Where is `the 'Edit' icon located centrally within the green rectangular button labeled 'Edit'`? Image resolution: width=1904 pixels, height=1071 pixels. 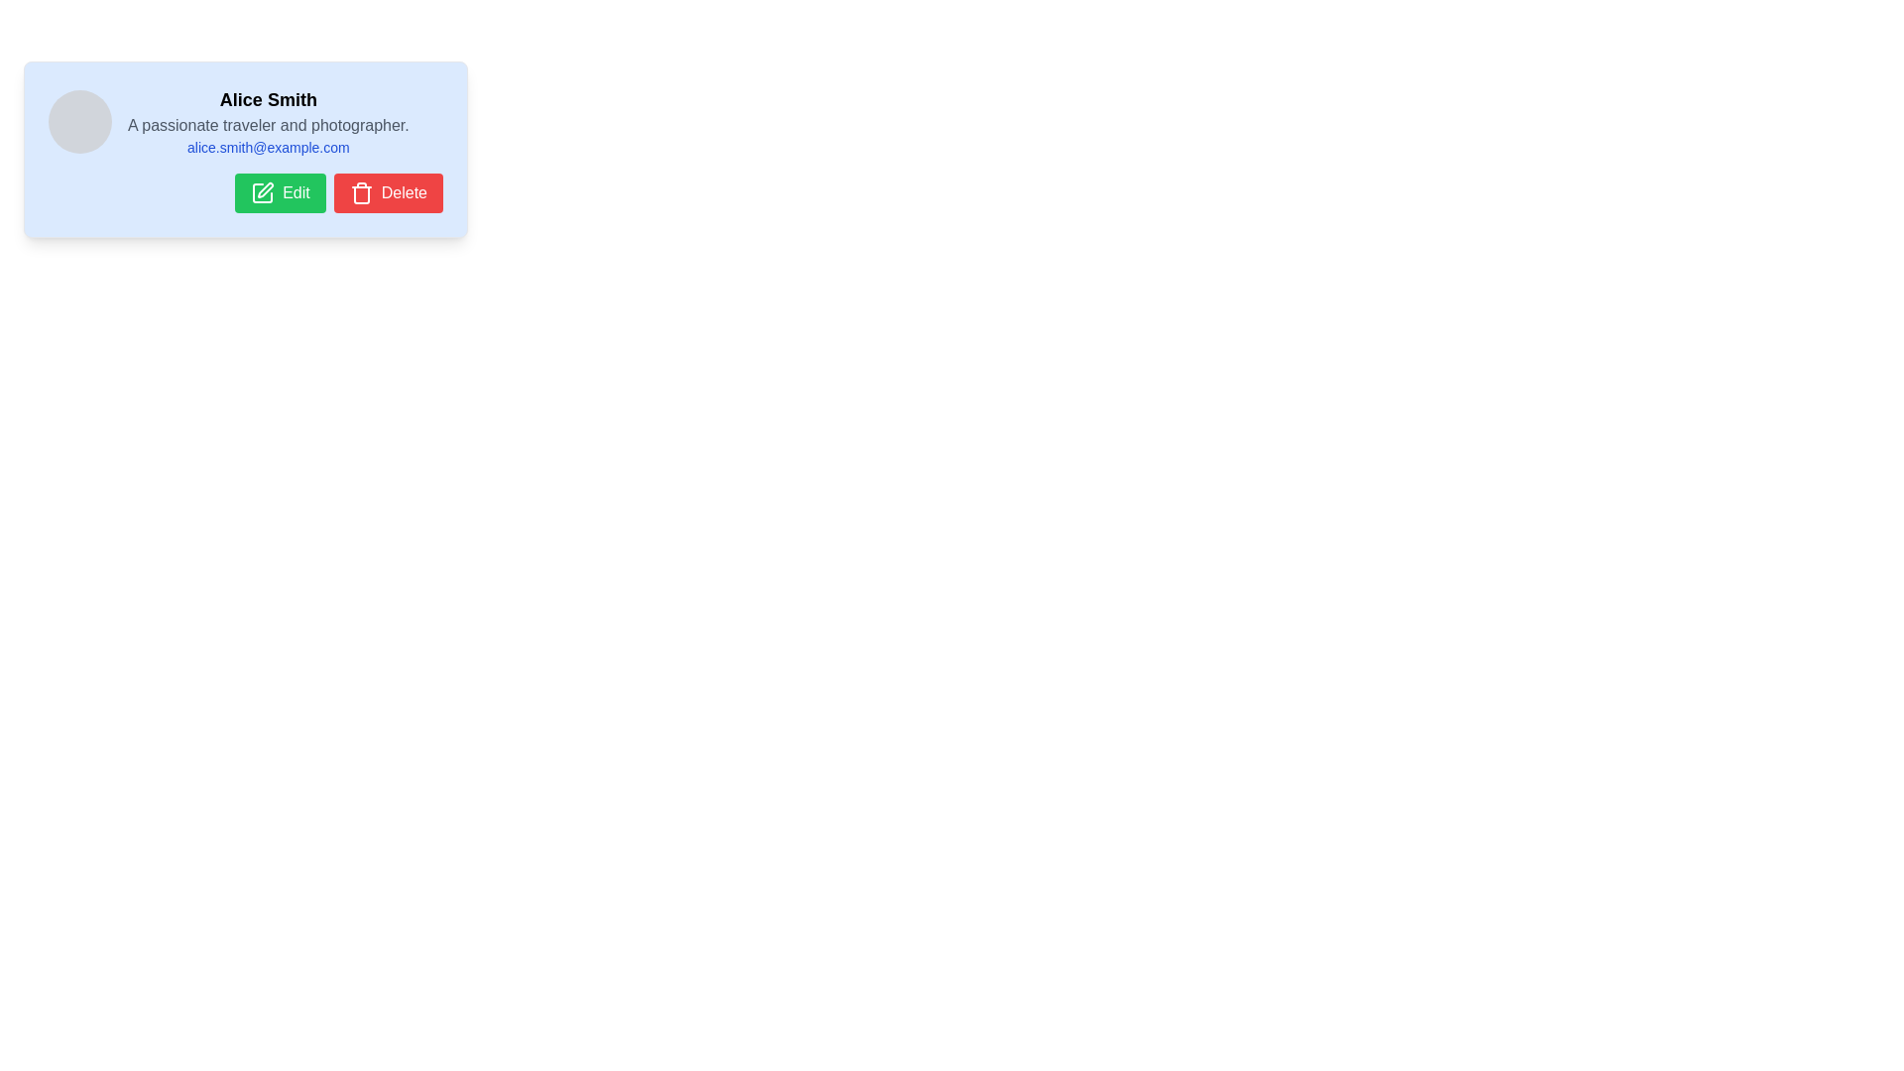
the 'Edit' icon located centrally within the green rectangular button labeled 'Edit' is located at coordinates (262, 193).